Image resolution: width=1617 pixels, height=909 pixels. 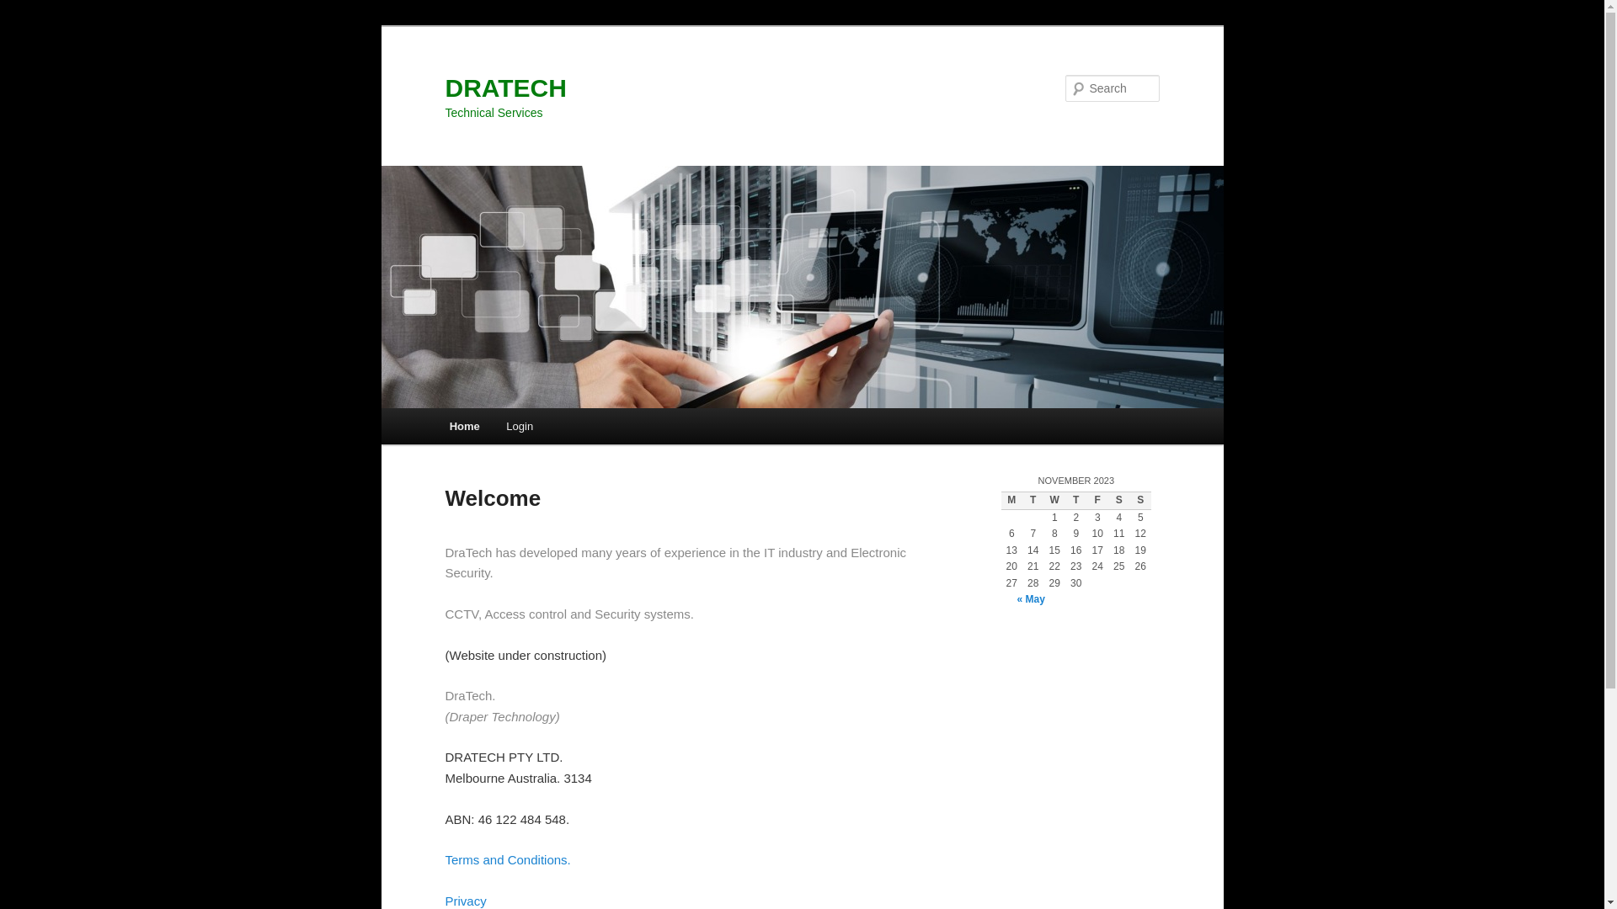 I want to click on 'Login', so click(x=519, y=425).